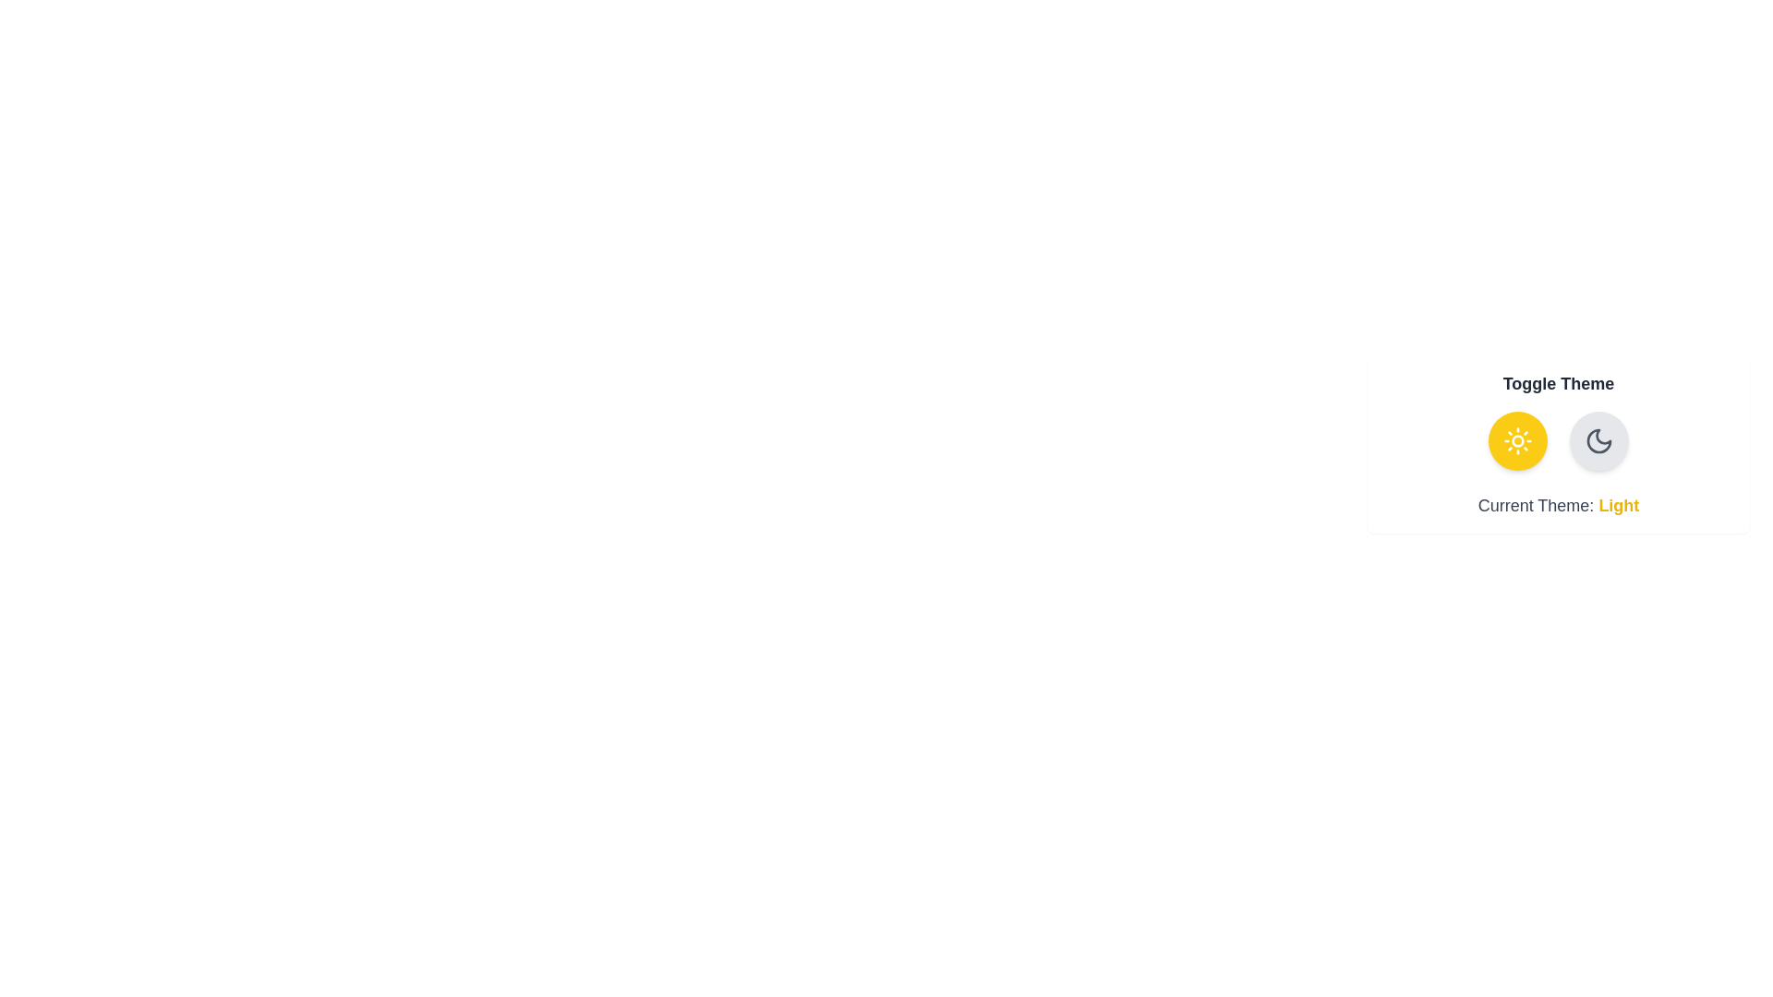 The image size is (1773, 997). What do you see at coordinates (1517, 441) in the screenshot?
I see `the 'Sun' button to inspect its visual state` at bounding box center [1517, 441].